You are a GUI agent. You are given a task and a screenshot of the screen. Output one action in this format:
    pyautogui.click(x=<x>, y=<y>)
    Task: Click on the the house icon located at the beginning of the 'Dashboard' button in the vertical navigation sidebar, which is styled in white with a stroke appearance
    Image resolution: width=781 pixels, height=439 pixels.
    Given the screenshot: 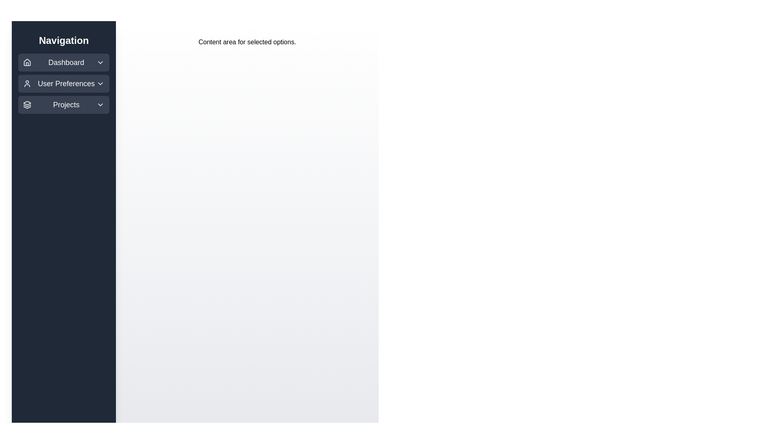 What is the action you would take?
    pyautogui.click(x=27, y=62)
    